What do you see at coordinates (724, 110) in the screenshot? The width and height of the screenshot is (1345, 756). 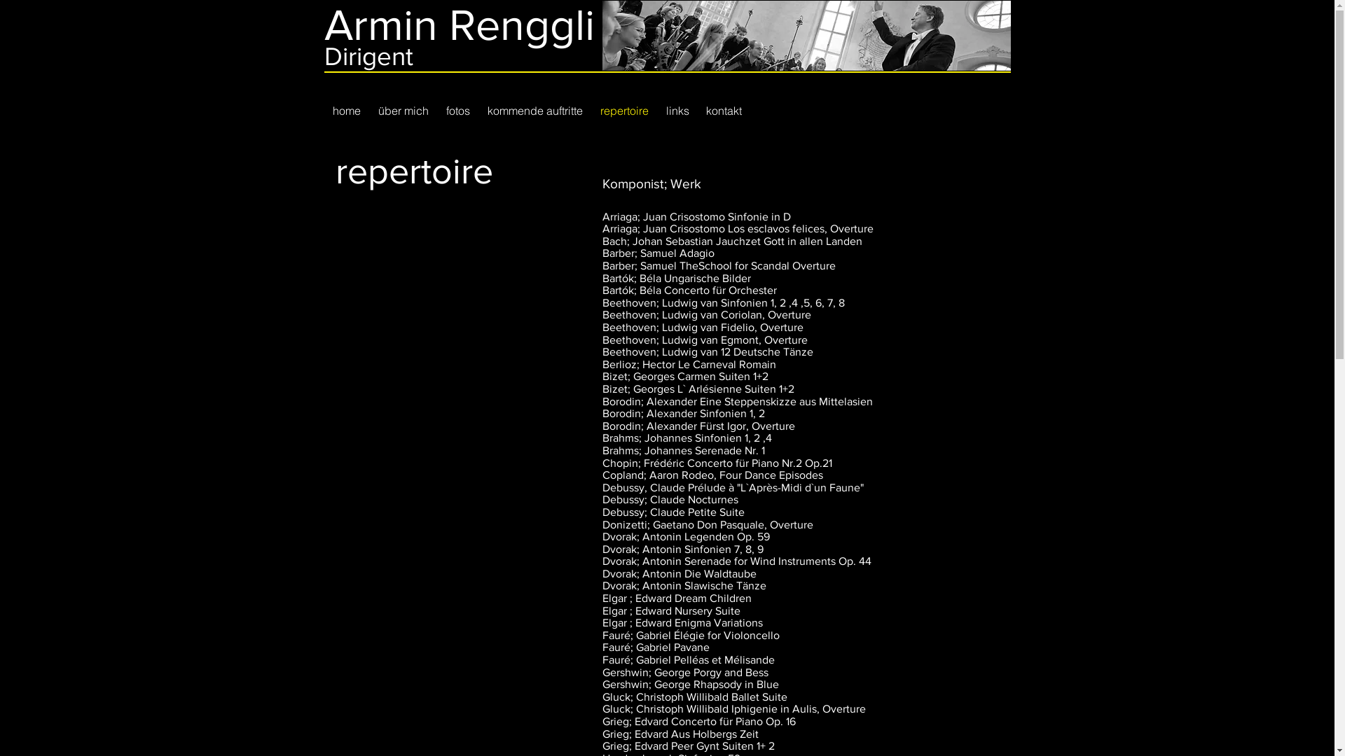 I see `'kontakt'` at bounding box center [724, 110].